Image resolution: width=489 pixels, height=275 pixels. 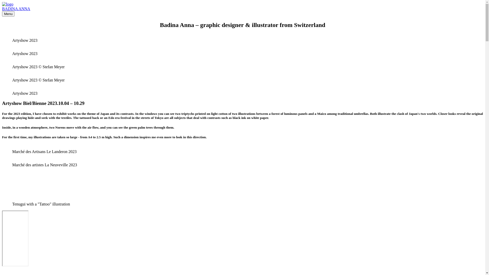 What do you see at coordinates (7, 4) in the screenshot?
I see `'logo'` at bounding box center [7, 4].